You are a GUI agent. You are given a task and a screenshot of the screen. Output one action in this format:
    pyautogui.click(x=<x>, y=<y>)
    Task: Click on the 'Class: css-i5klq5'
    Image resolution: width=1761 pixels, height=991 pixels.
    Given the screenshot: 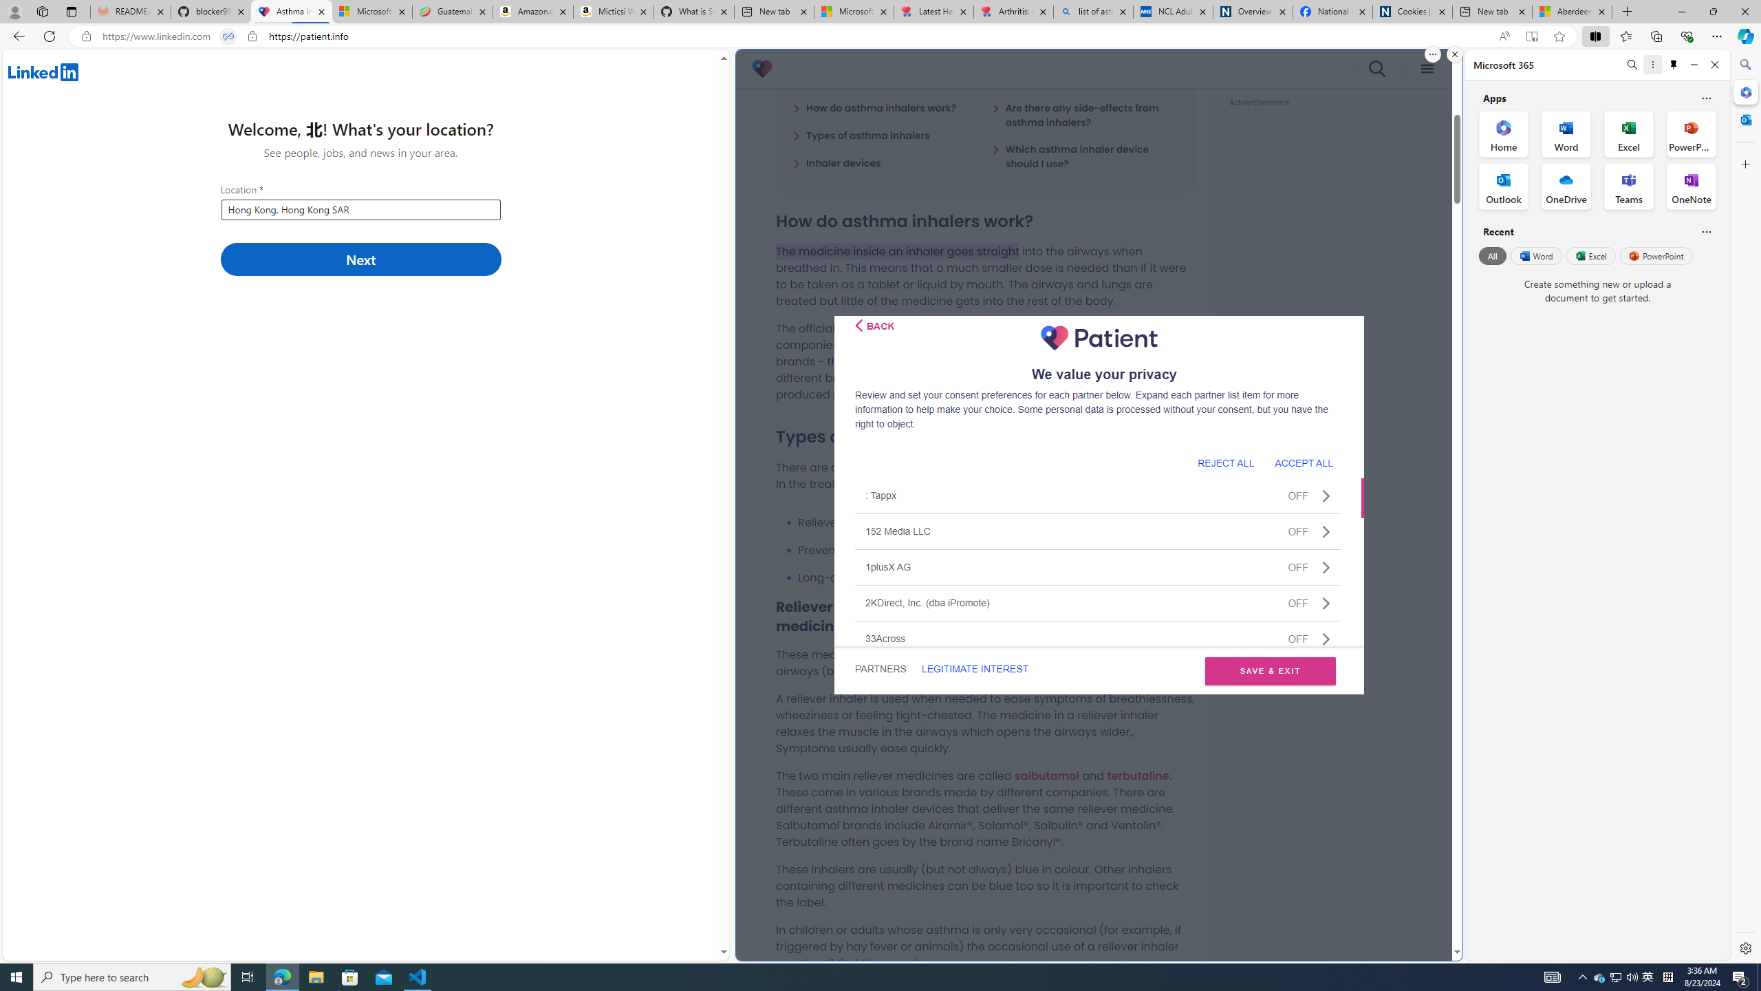 What is the action you would take?
    pyautogui.click(x=858, y=325)
    